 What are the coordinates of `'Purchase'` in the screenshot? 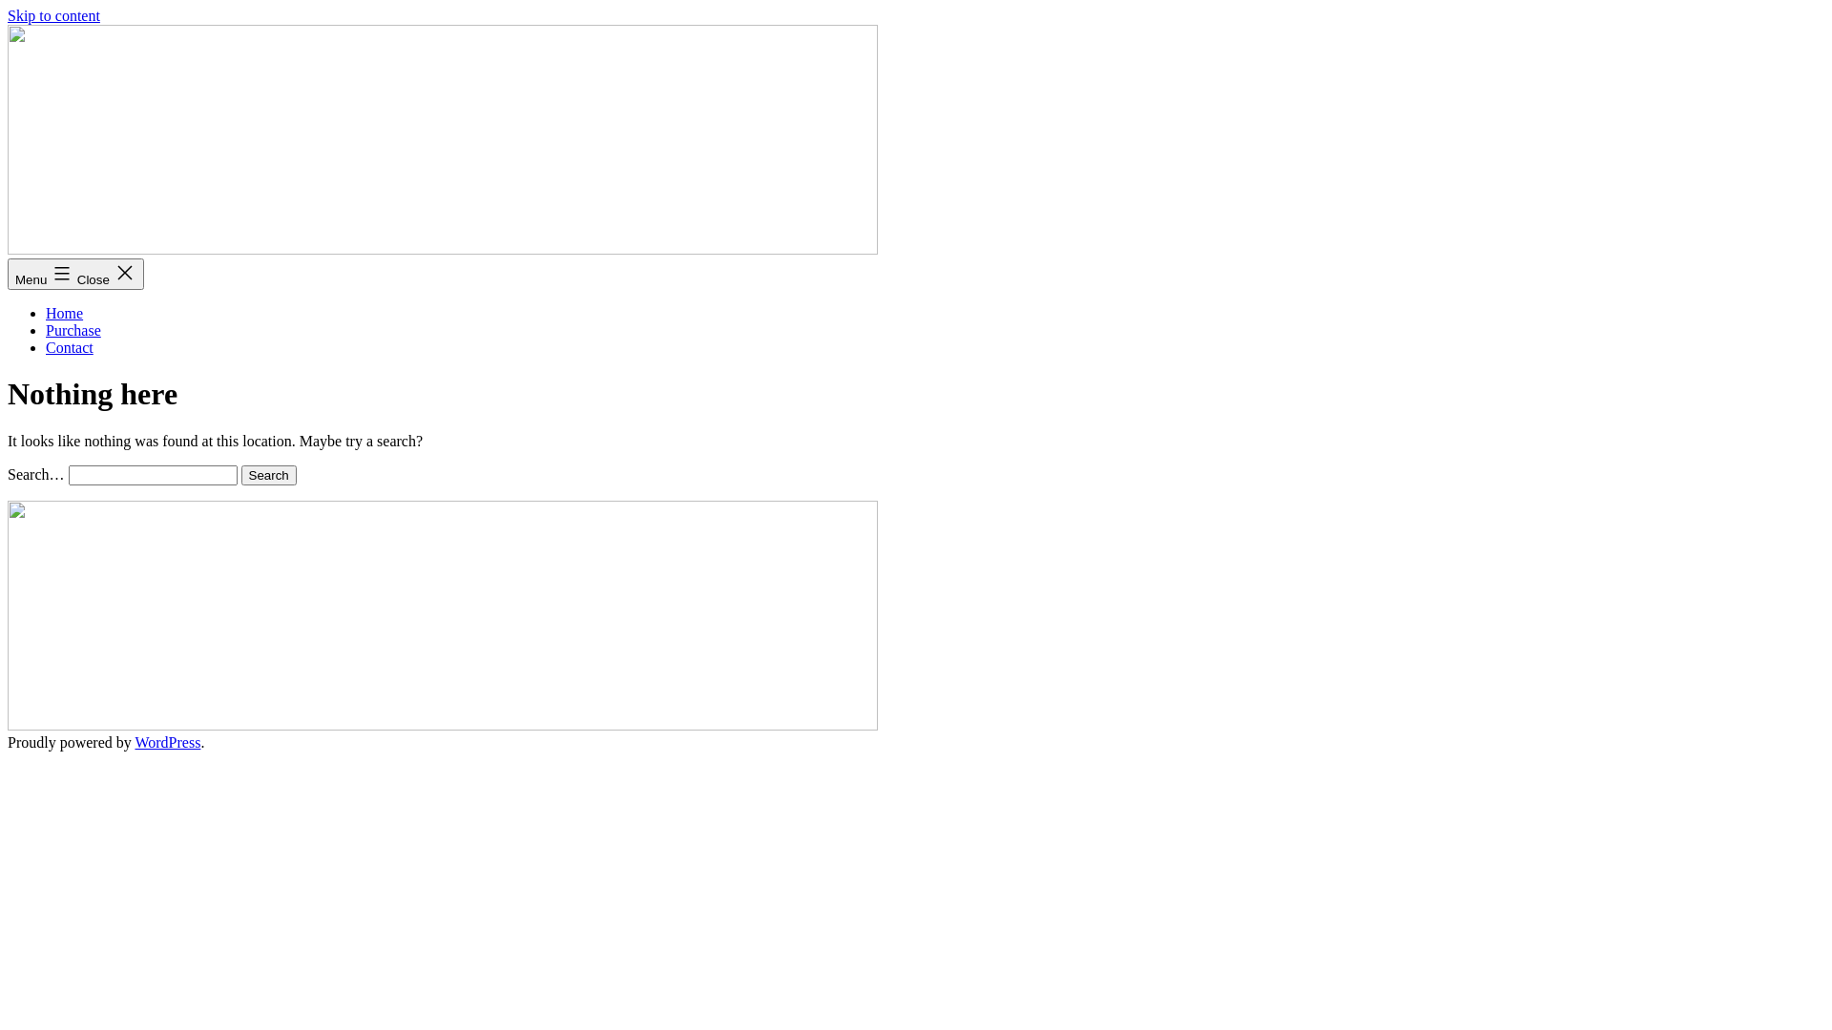 It's located at (73, 329).